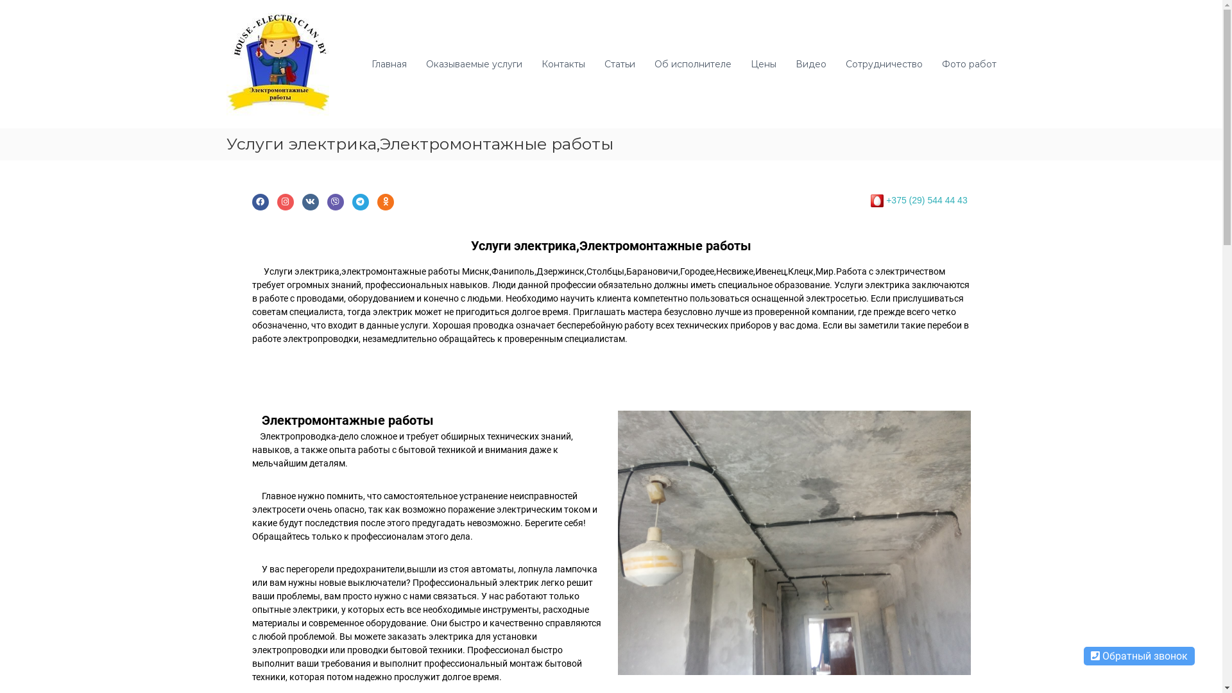 The image size is (1232, 693). What do you see at coordinates (927, 200) in the screenshot?
I see `'+375 (29) 544 44 43'` at bounding box center [927, 200].